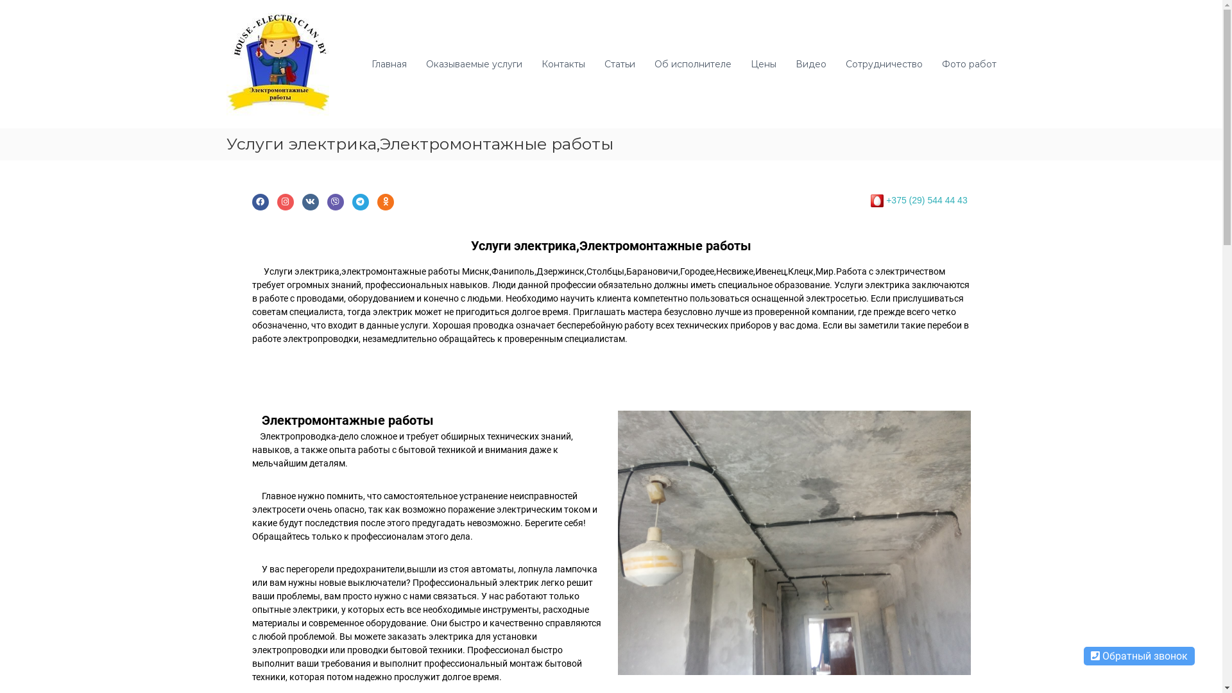 The image size is (1232, 693). What do you see at coordinates (927, 200) in the screenshot?
I see `'+375 (29) 544 44 43'` at bounding box center [927, 200].